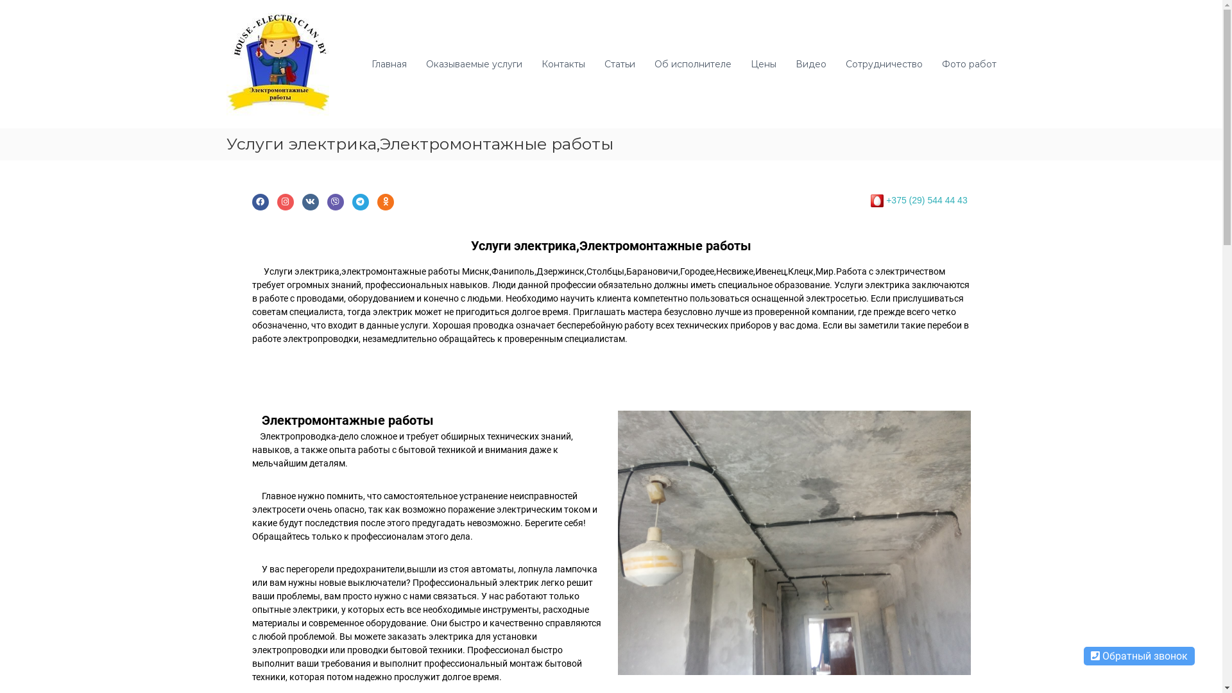 The image size is (1232, 693). What do you see at coordinates (927, 200) in the screenshot?
I see `'+375 (29) 544 44 43'` at bounding box center [927, 200].